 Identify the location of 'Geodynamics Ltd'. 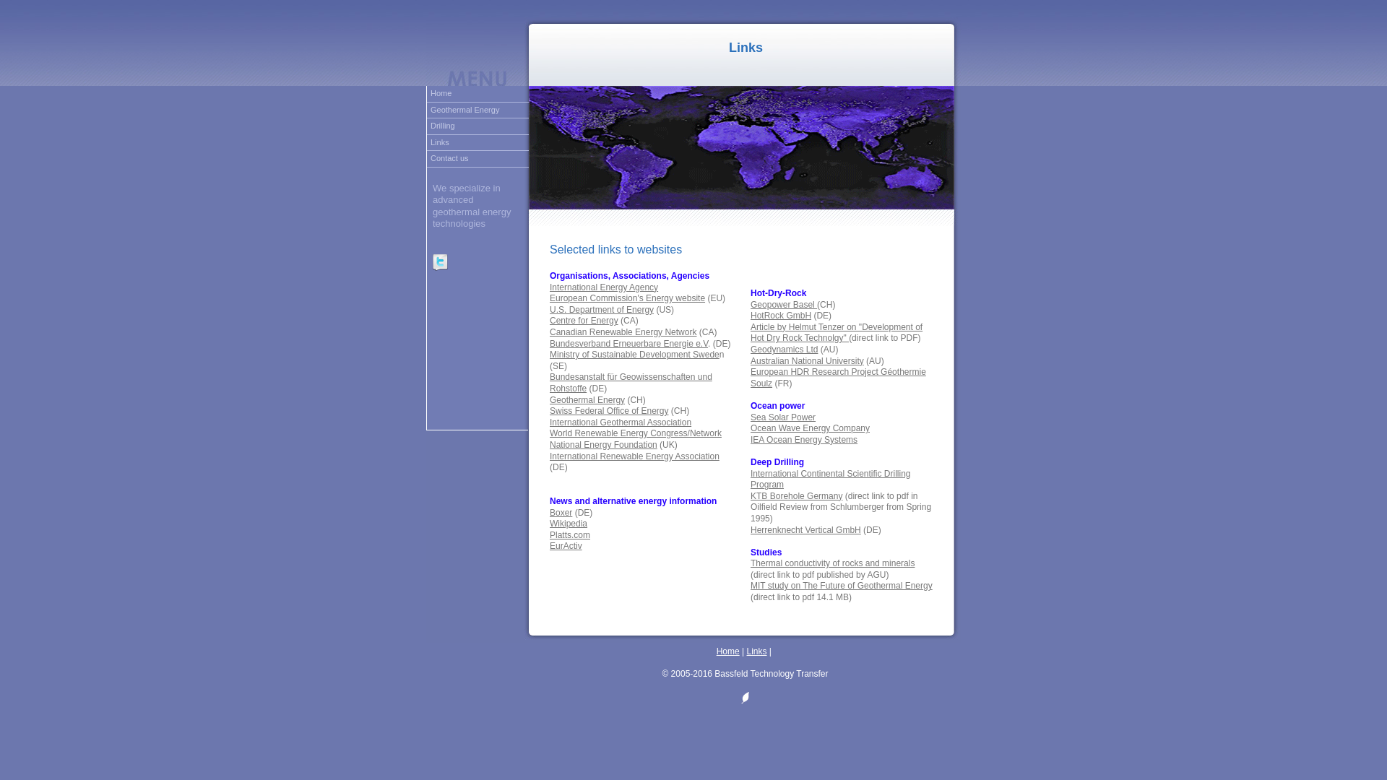
(783, 349).